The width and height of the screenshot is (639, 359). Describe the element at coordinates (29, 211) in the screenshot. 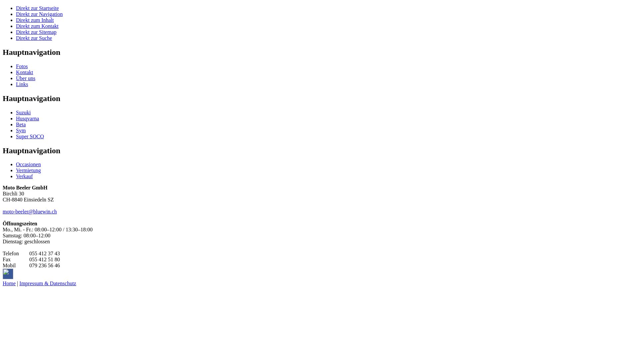

I see `'moto-beeler@bluewin.ch'` at that location.